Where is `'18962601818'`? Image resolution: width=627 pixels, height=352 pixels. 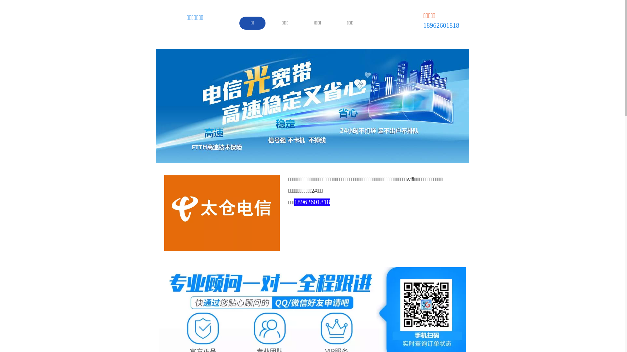 '18962601818' is located at coordinates (294, 202).